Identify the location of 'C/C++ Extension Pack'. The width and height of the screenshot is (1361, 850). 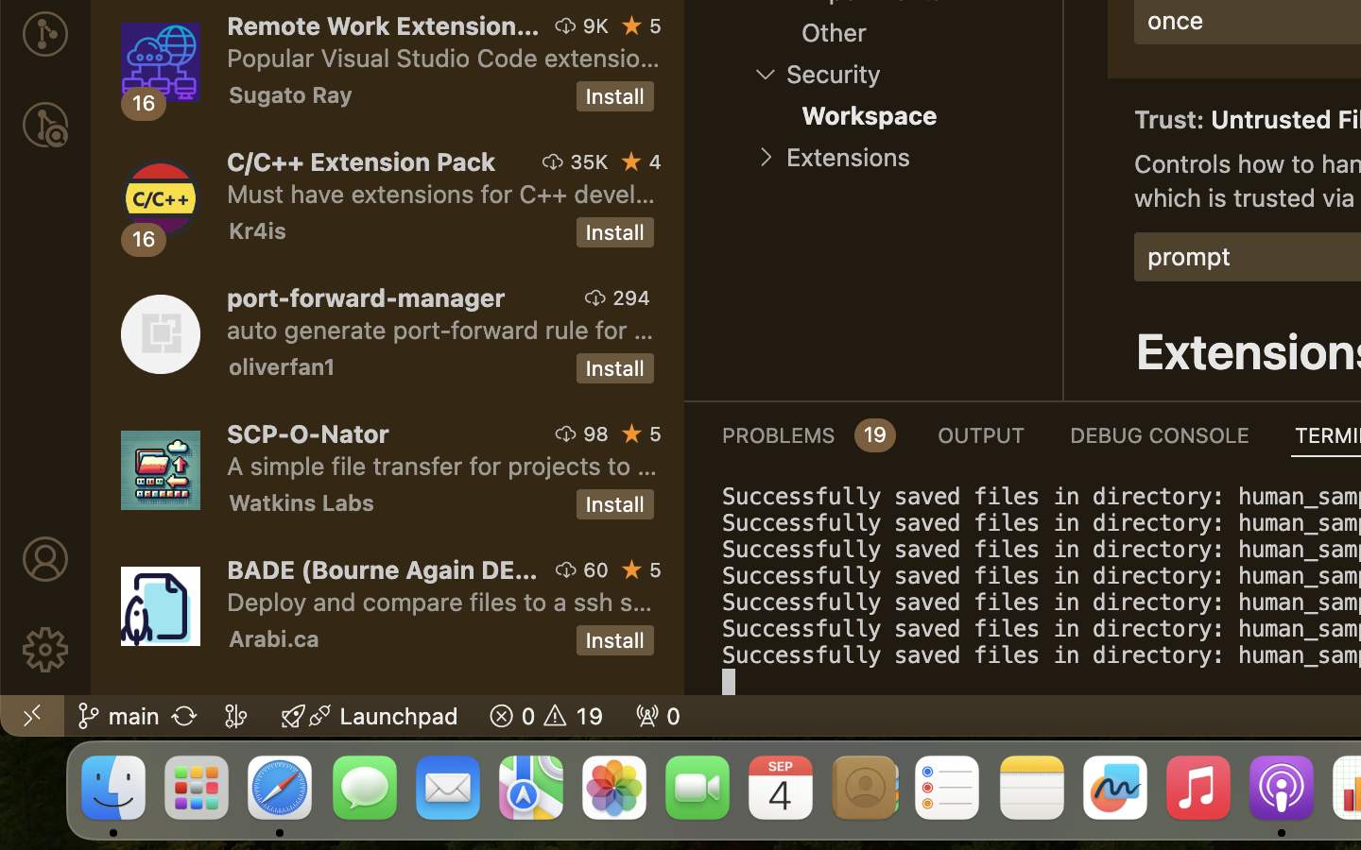
(361, 161).